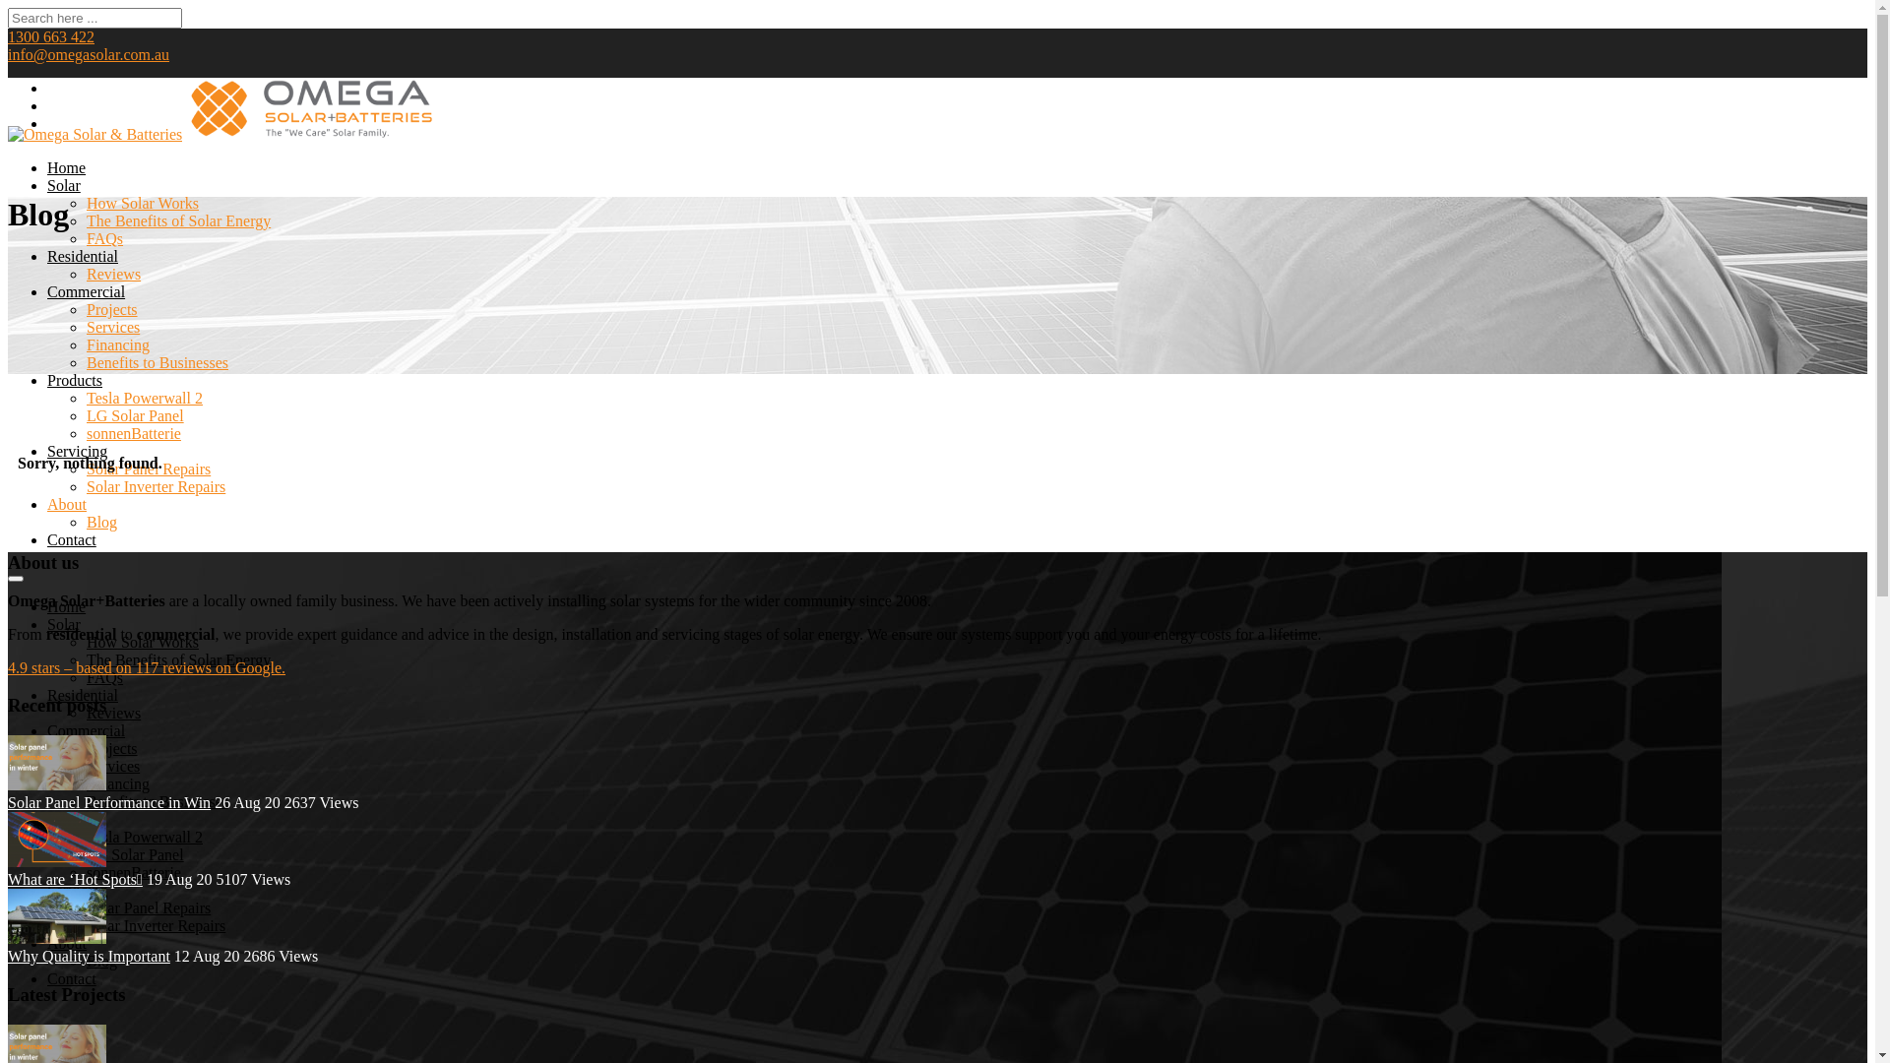 The height and width of the screenshot is (1063, 1890). Describe the element at coordinates (107, 802) in the screenshot. I see `'Solar Panel Performance in Win'` at that location.